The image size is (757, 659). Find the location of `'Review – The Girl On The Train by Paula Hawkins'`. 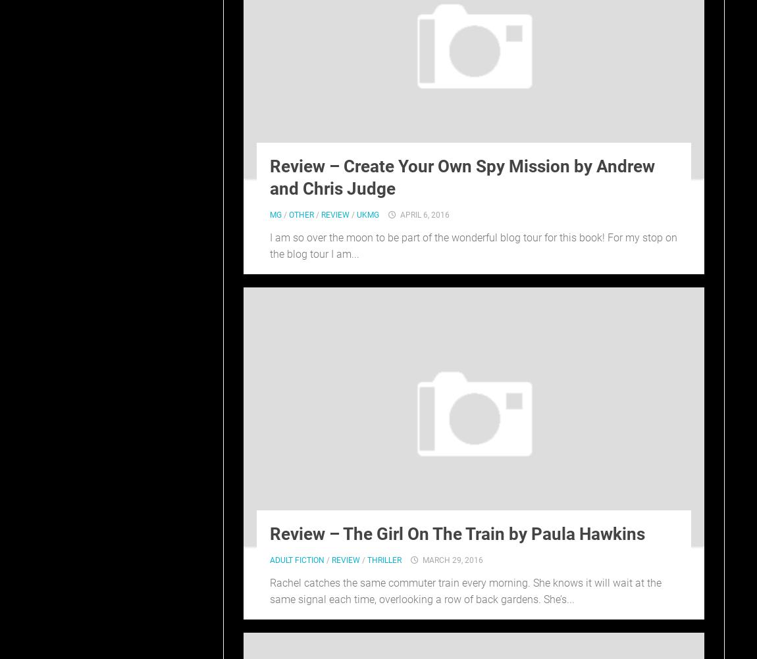

'Review – The Girl On The Train by Paula Hawkins' is located at coordinates (269, 533).